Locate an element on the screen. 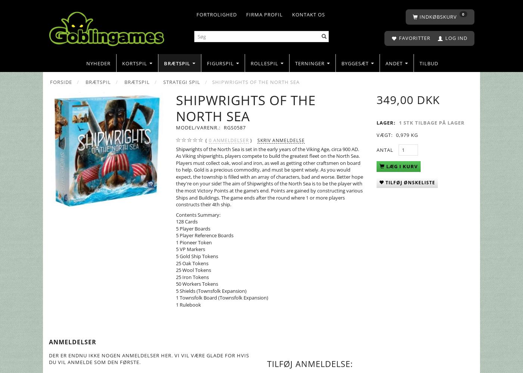 This screenshot has height=373, width=523. '1 Townsfolk Board (Townsfolk Expansion)' is located at coordinates (222, 298).